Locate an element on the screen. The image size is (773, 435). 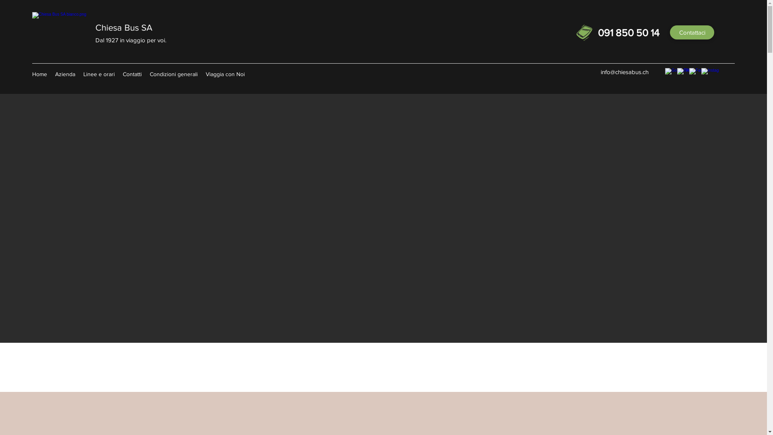
'info@chiesabus.ch' is located at coordinates (601, 71).